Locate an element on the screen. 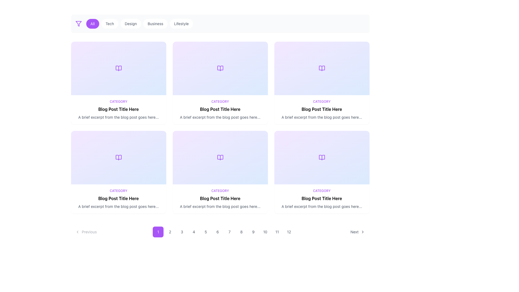 This screenshot has height=292, width=519. the rightward-pointing chevron icon located at the bottom-right corner of the 'Next' button to trigger a tooltip or visual effect is located at coordinates (363, 231).